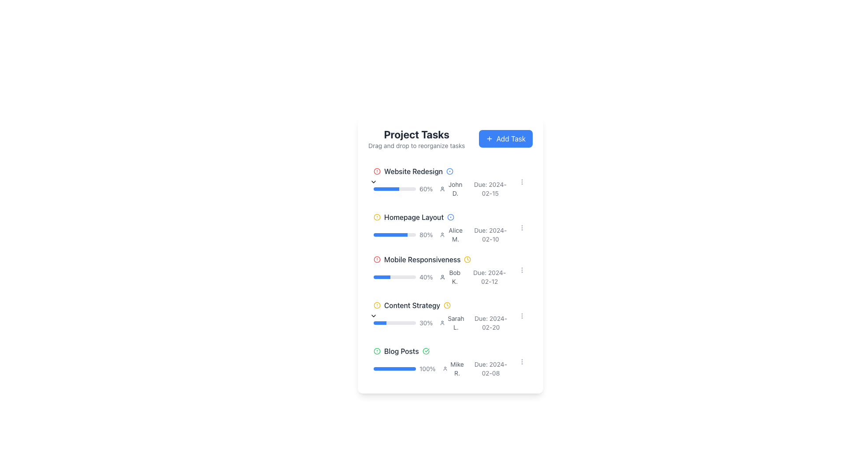  Describe the element at coordinates (442, 369) in the screenshot. I see `the informational display showing task progress and metadata located at the bottom of the 'Blog Posts' section in the task list interface` at that location.